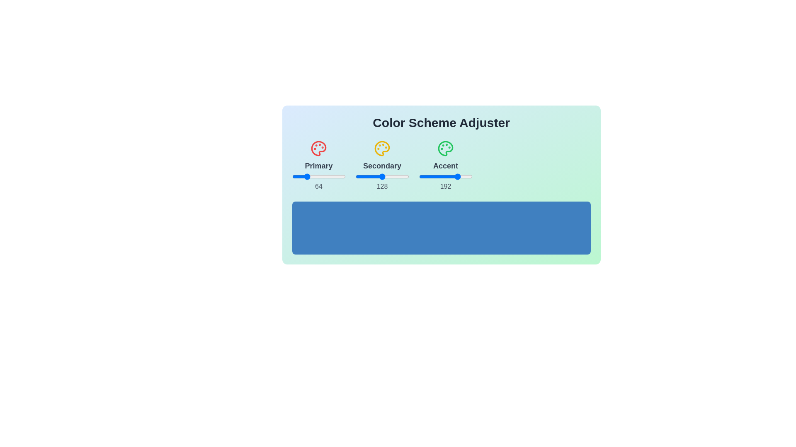 The image size is (796, 447). What do you see at coordinates (323, 176) in the screenshot?
I see `the 0 slider to 20` at bounding box center [323, 176].